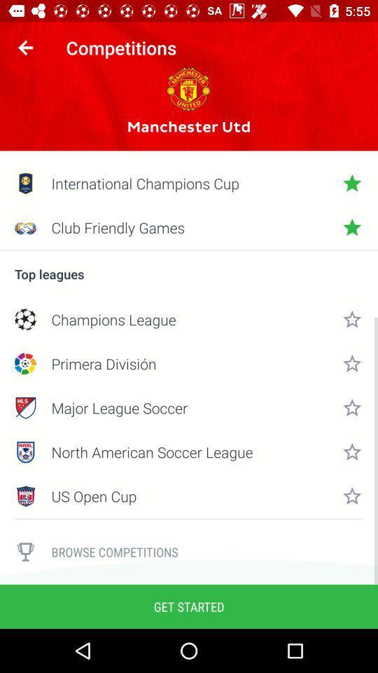 This screenshot has height=673, width=378. Describe the element at coordinates (189, 227) in the screenshot. I see `the club friendly games icon` at that location.